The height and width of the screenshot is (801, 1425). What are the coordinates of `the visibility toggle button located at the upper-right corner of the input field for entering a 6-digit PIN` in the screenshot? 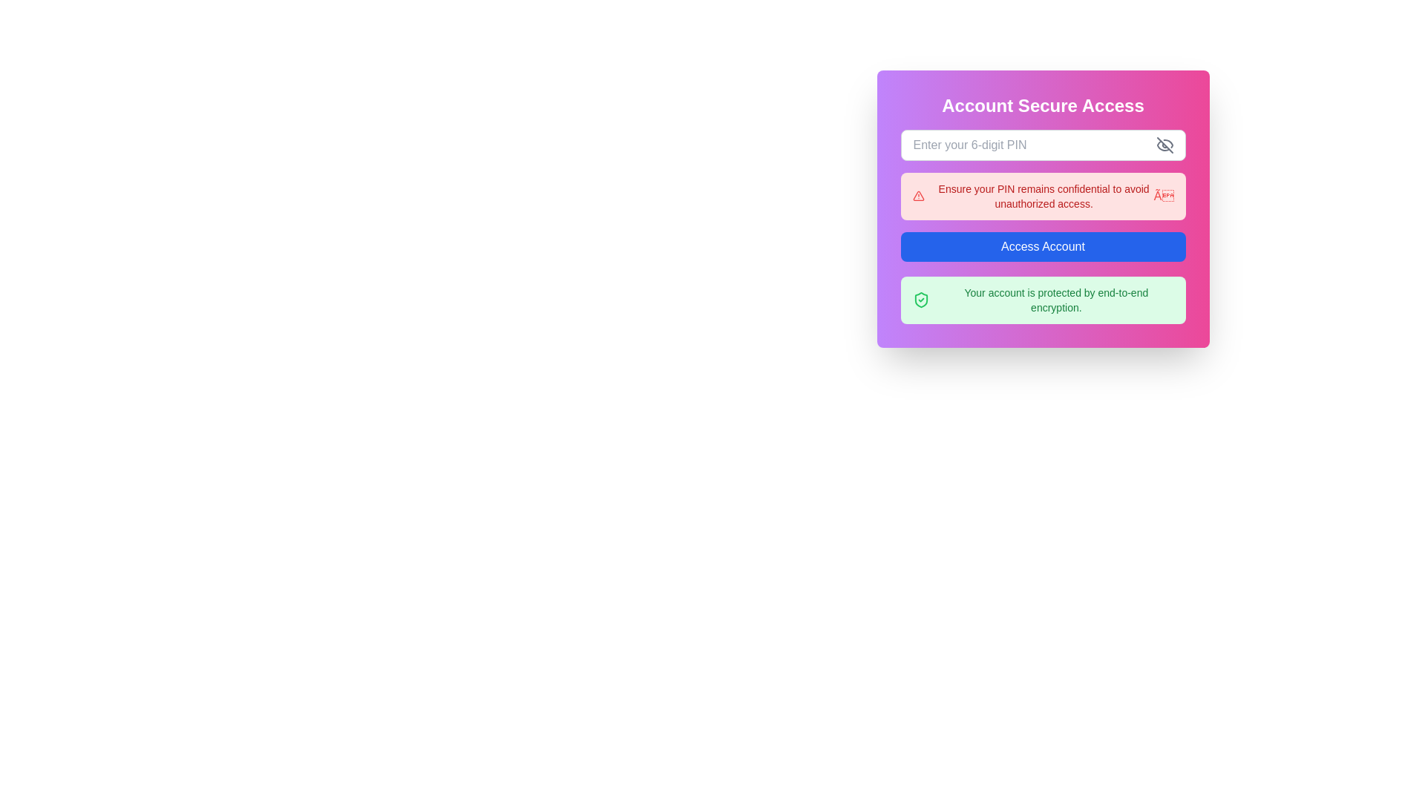 It's located at (1164, 145).